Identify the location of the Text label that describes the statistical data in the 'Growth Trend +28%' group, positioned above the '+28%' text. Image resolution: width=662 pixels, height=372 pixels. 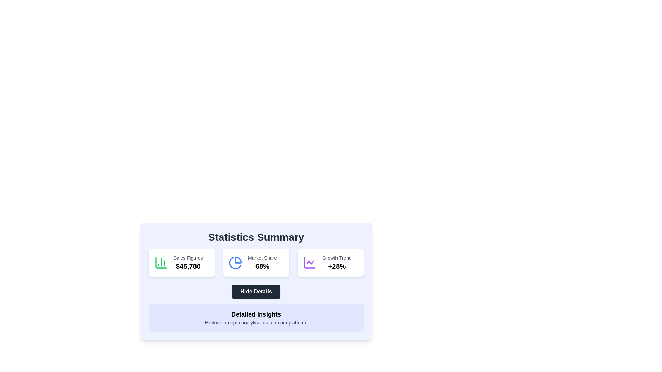
(337, 258).